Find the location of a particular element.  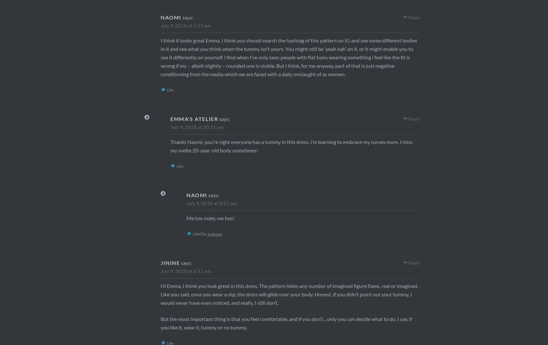

'July 9, 2018 at 10:11 am' is located at coordinates (196, 127).